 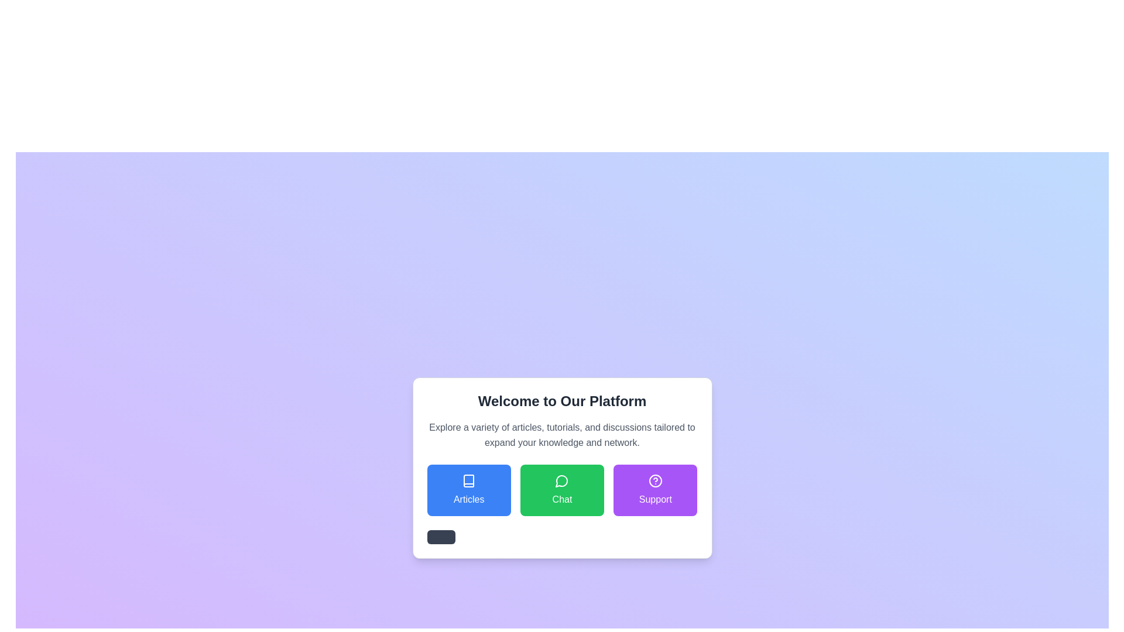 What do you see at coordinates (469, 499) in the screenshot?
I see `the text label that indicates the purpose of the blue button labeled 'Articles', which is located at the lower section of the blue button` at bounding box center [469, 499].